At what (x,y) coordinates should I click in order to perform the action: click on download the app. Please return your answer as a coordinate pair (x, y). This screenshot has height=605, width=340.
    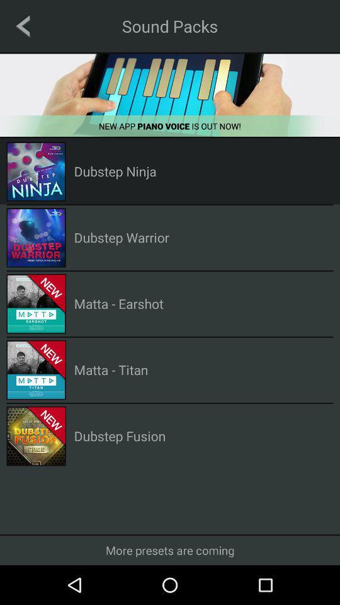
    Looking at the image, I should click on (170, 95).